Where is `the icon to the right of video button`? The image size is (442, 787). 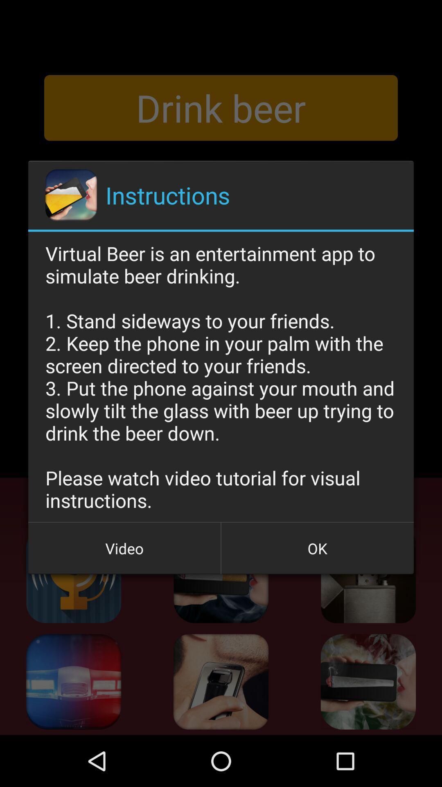 the icon to the right of video button is located at coordinates (317, 548).